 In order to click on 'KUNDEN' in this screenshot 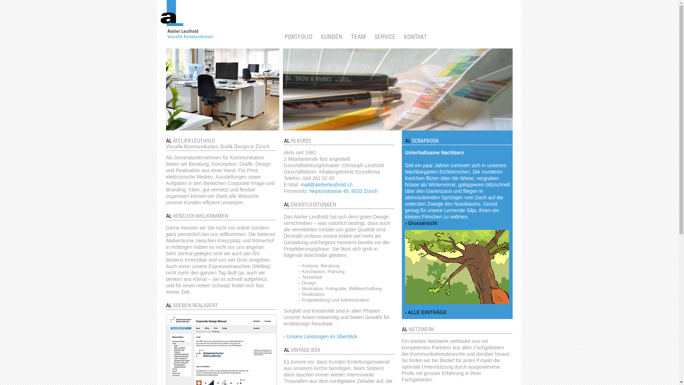, I will do `click(331, 36)`.